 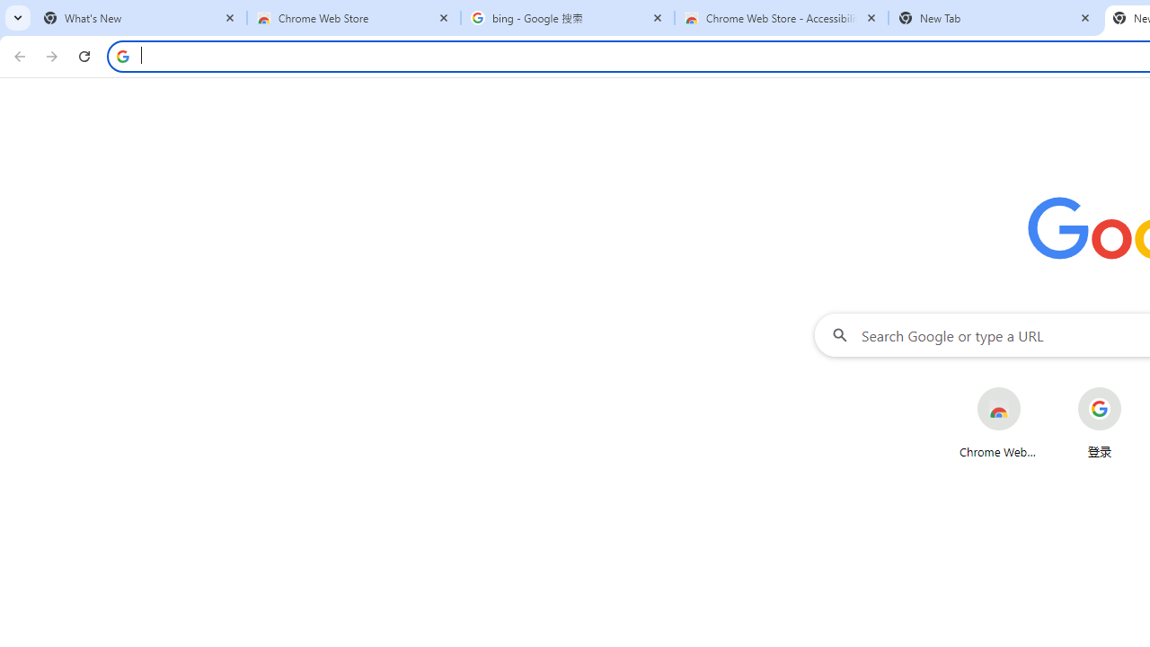 What do you see at coordinates (995, 18) in the screenshot?
I see `'New Tab'` at bounding box center [995, 18].